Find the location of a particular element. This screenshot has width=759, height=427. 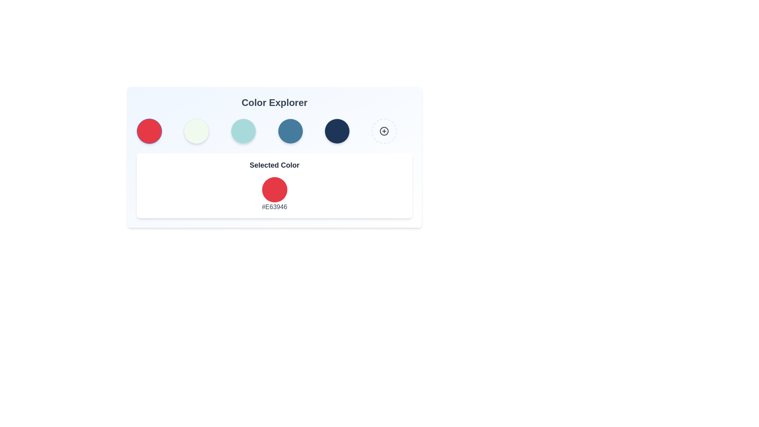

the second circular button from the left in the horizontal row of color selection buttons in the 'Color Explorer' dialog is located at coordinates (196, 130).